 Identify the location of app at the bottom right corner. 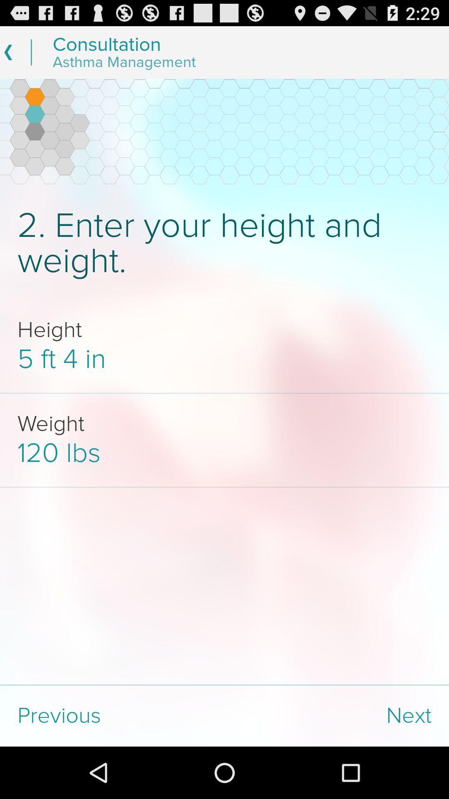
(337, 715).